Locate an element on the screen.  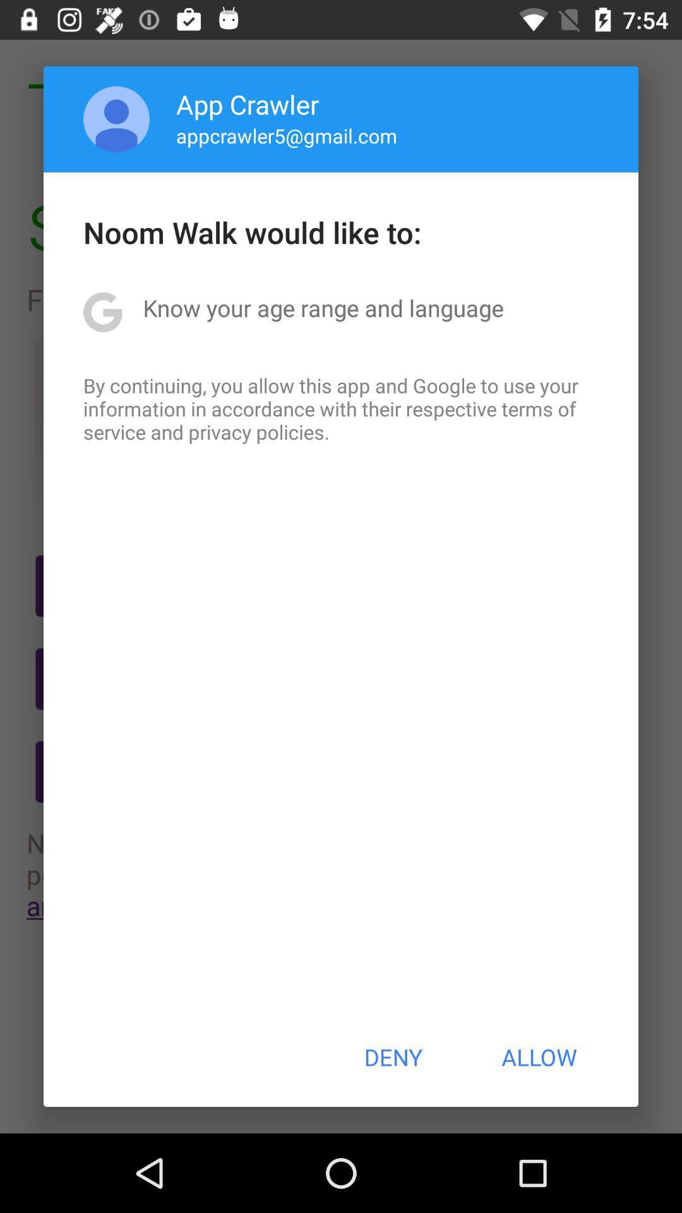
the button next to allow button is located at coordinates (392, 1057).